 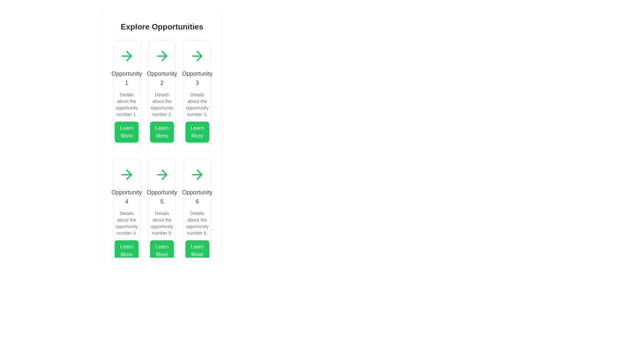 I want to click on the text label displaying 'Opportunity 4' in bold, dark gray font, located in the second row, first column of the grid layout, so click(x=126, y=197).